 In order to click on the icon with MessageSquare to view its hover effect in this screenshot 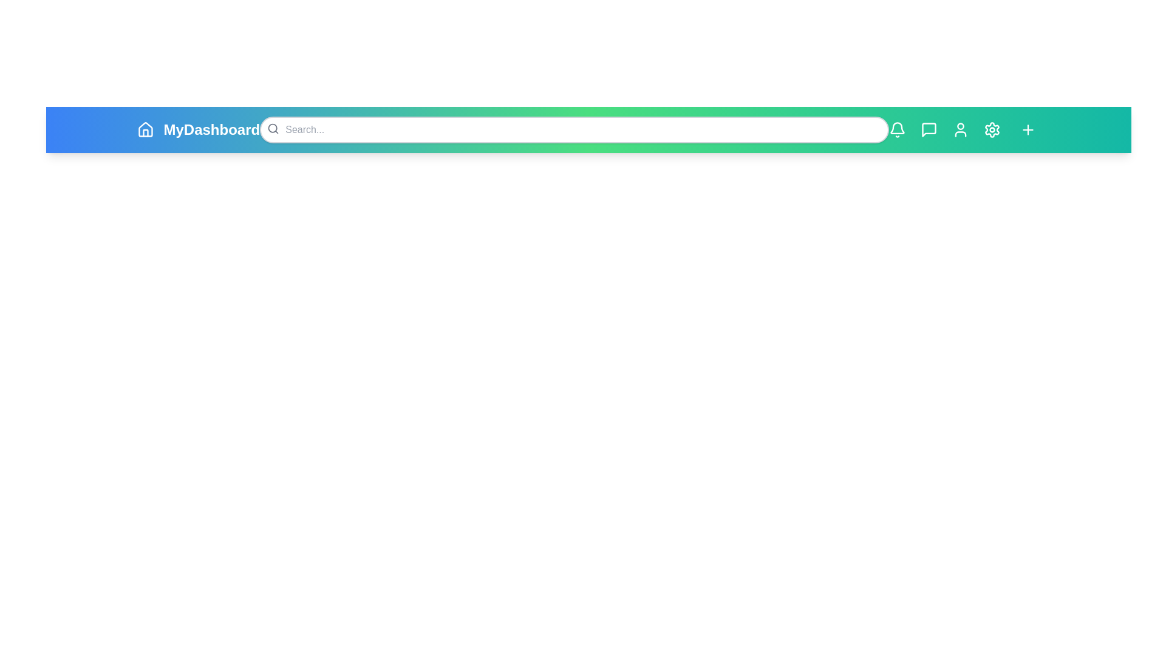, I will do `click(928, 129)`.